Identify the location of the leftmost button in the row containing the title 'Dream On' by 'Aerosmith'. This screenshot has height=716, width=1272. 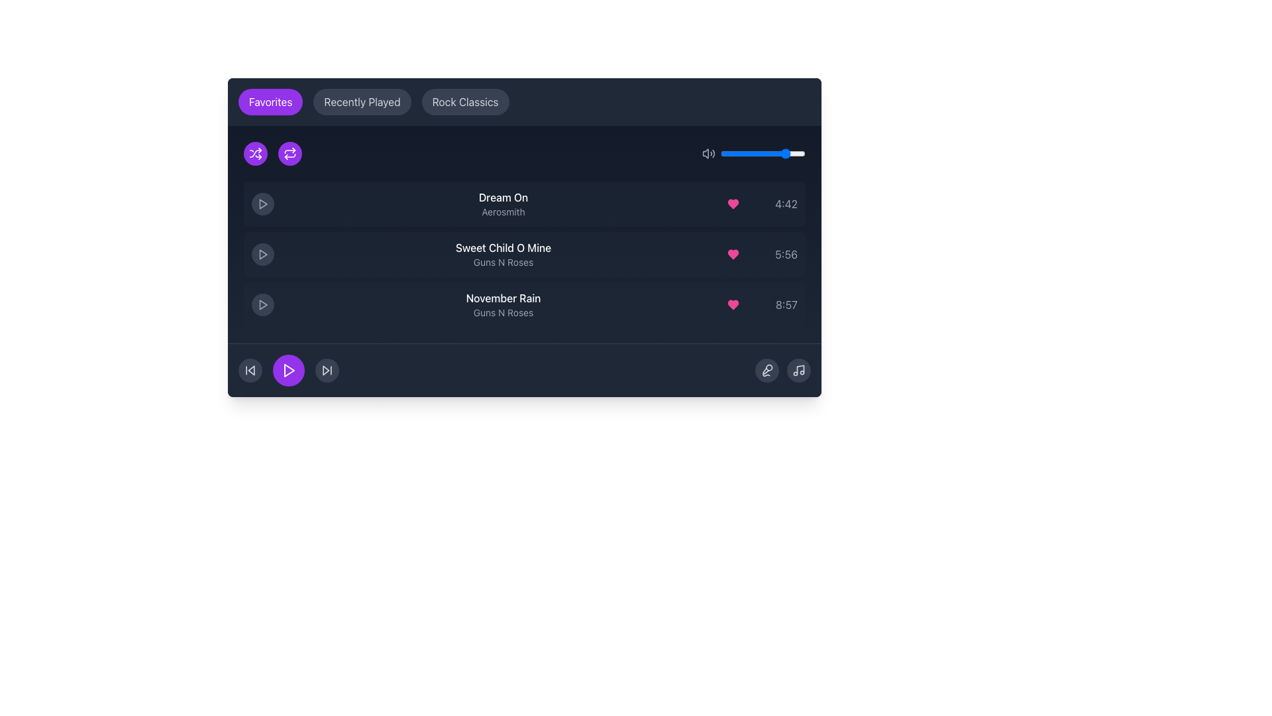
(263, 204).